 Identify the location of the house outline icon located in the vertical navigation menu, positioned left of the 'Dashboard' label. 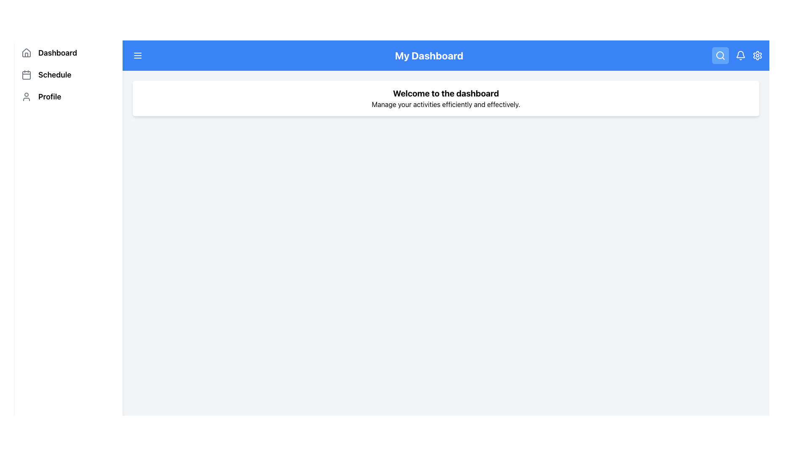
(26, 53).